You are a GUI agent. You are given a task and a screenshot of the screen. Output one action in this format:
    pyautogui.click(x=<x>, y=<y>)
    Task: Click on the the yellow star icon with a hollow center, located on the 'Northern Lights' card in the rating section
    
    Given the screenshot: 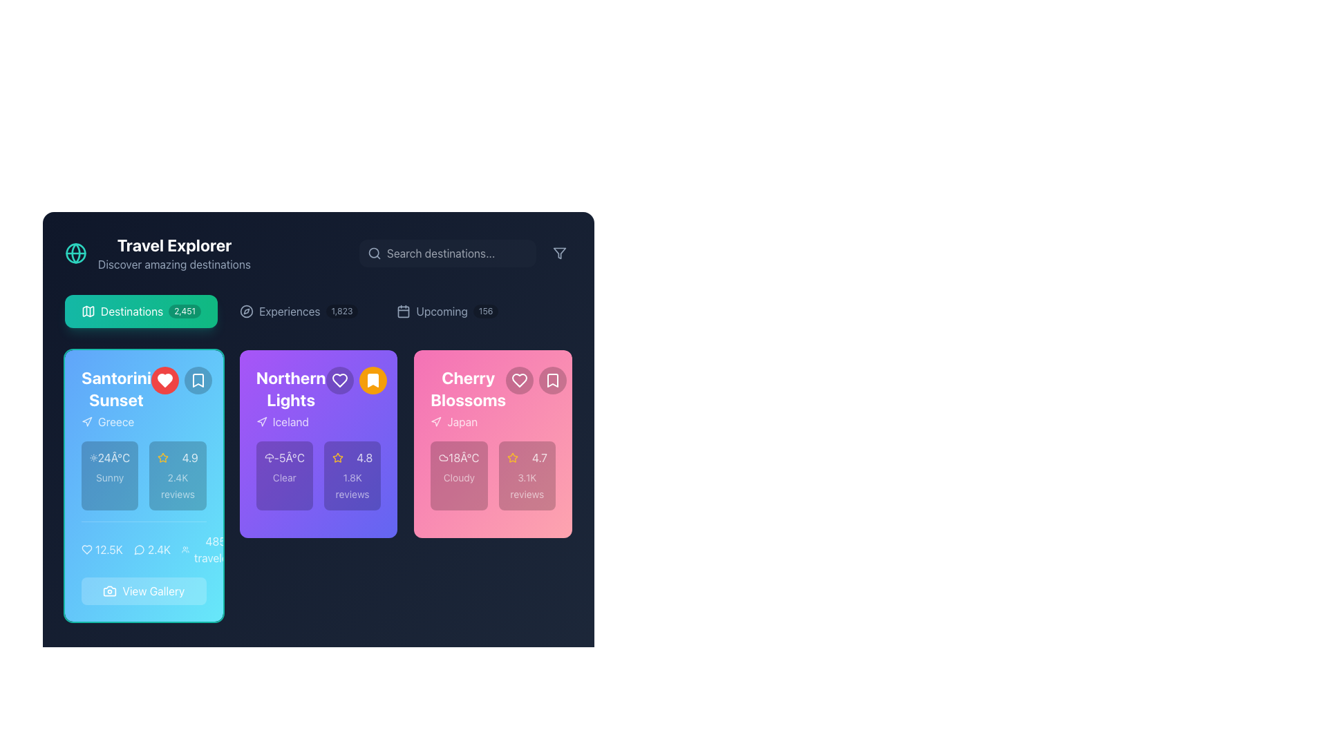 What is the action you would take?
    pyautogui.click(x=338, y=457)
    